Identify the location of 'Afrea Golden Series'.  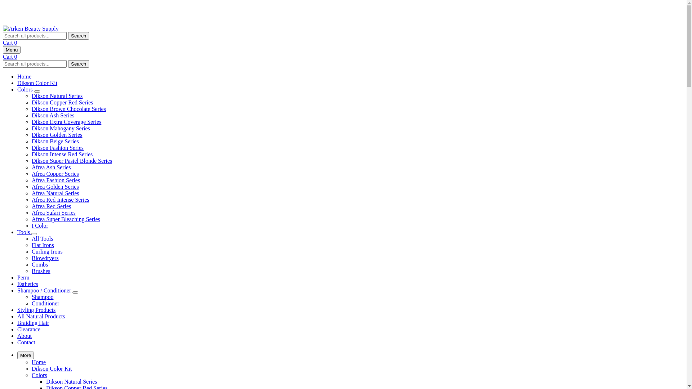
(31, 186).